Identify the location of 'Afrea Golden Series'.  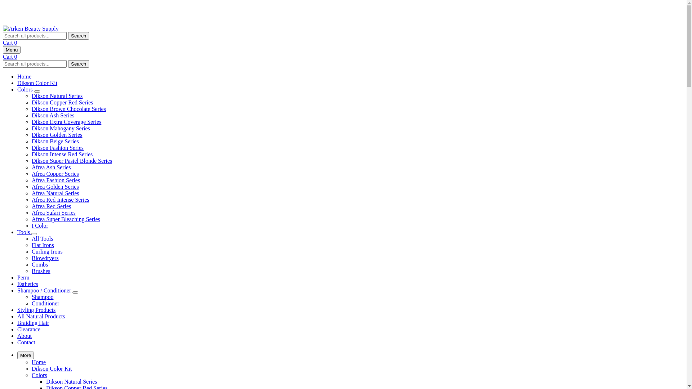
(31, 186).